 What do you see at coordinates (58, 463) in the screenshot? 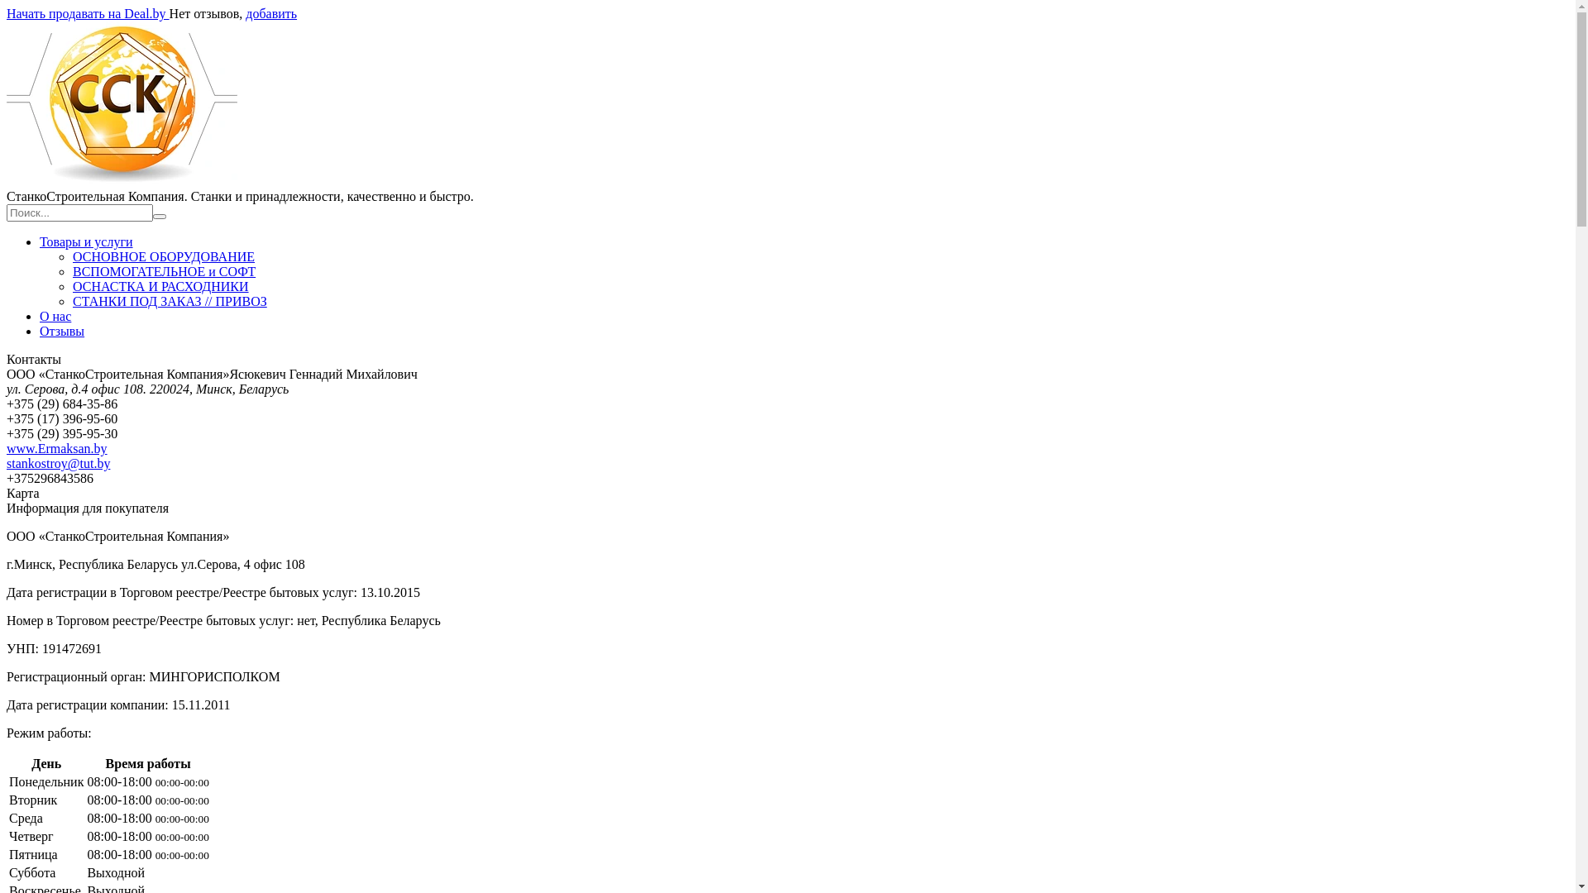
I see `'stankostroy@tut.by'` at bounding box center [58, 463].